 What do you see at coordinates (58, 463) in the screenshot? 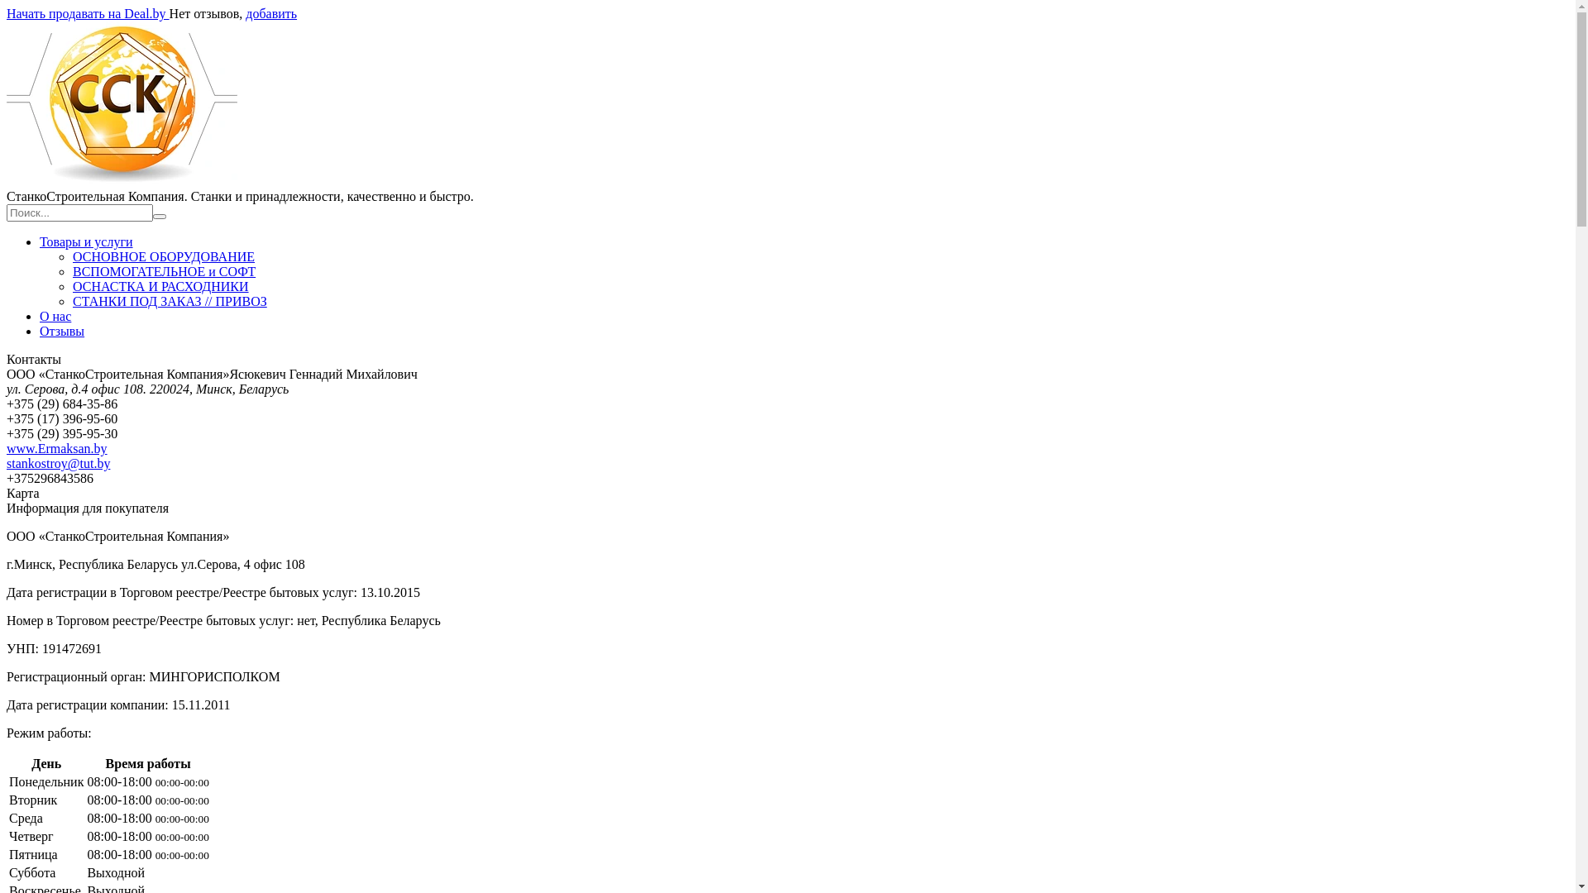
I see `'stankostroy@tut.by'` at bounding box center [58, 463].